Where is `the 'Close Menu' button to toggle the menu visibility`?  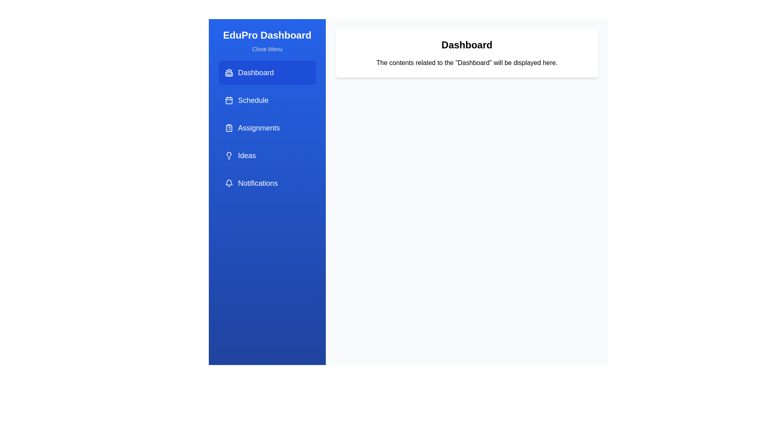 the 'Close Menu' button to toggle the menu visibility is located at coordinates (267, 49).